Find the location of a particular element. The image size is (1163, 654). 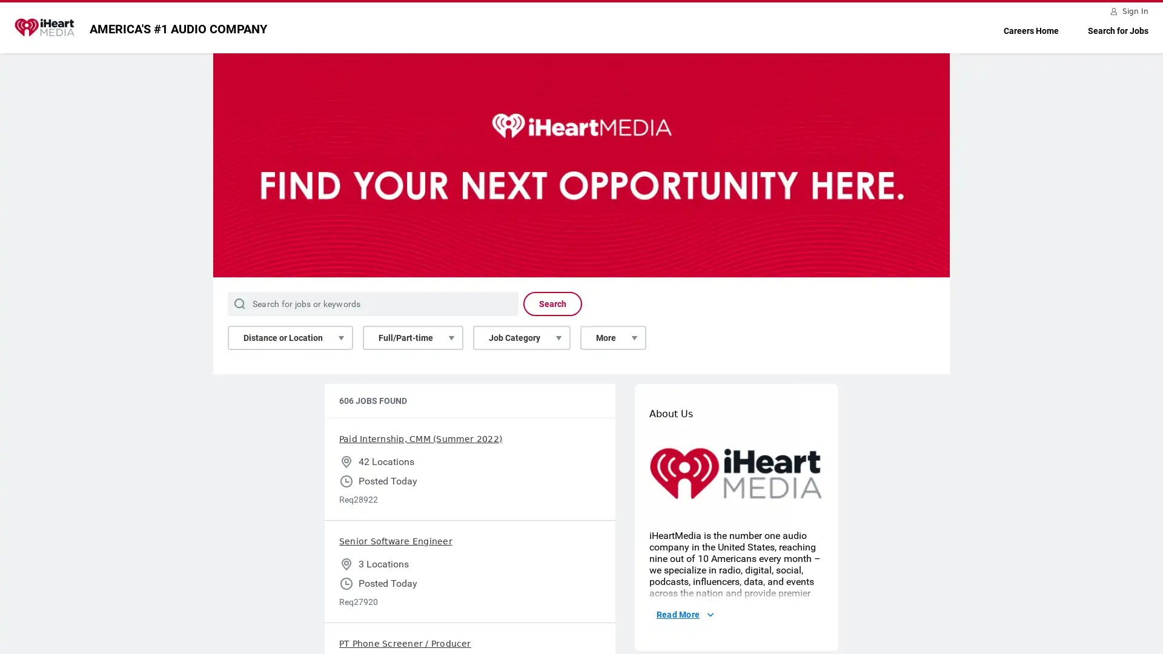

Careers Home is located at coordinates (1030, 30).